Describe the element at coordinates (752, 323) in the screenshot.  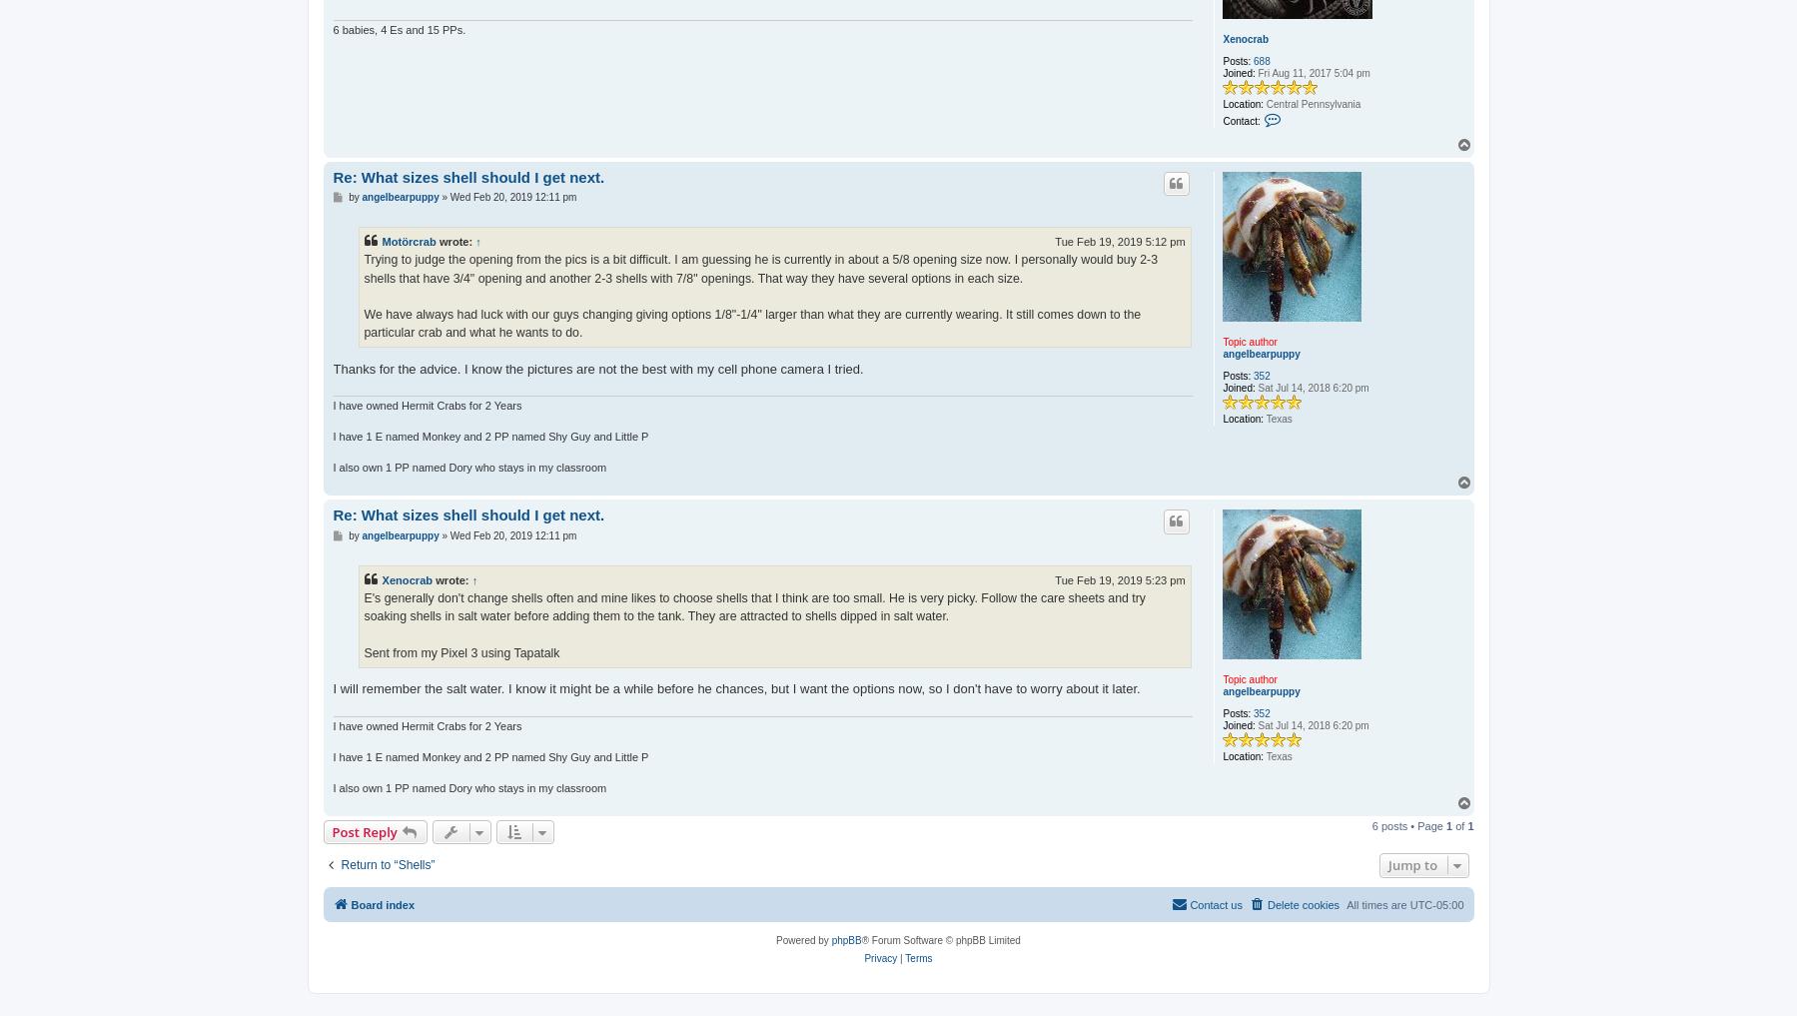
I see `'We have always had luck with our guys changing giving options 1/8"-1/4" larger than what they are currently wearing. It still comes down to the particular crab and what he wants to do.'` at that location.